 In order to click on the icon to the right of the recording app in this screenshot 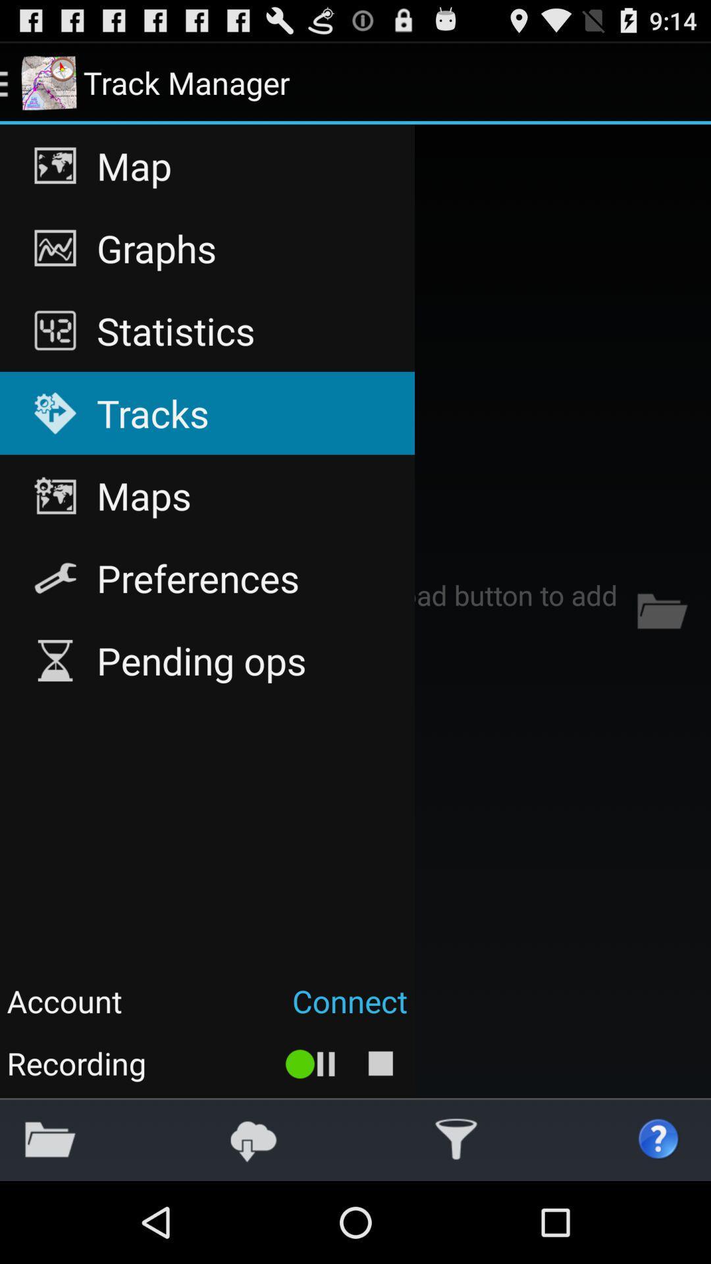, I will do `click(311, 1063)`.